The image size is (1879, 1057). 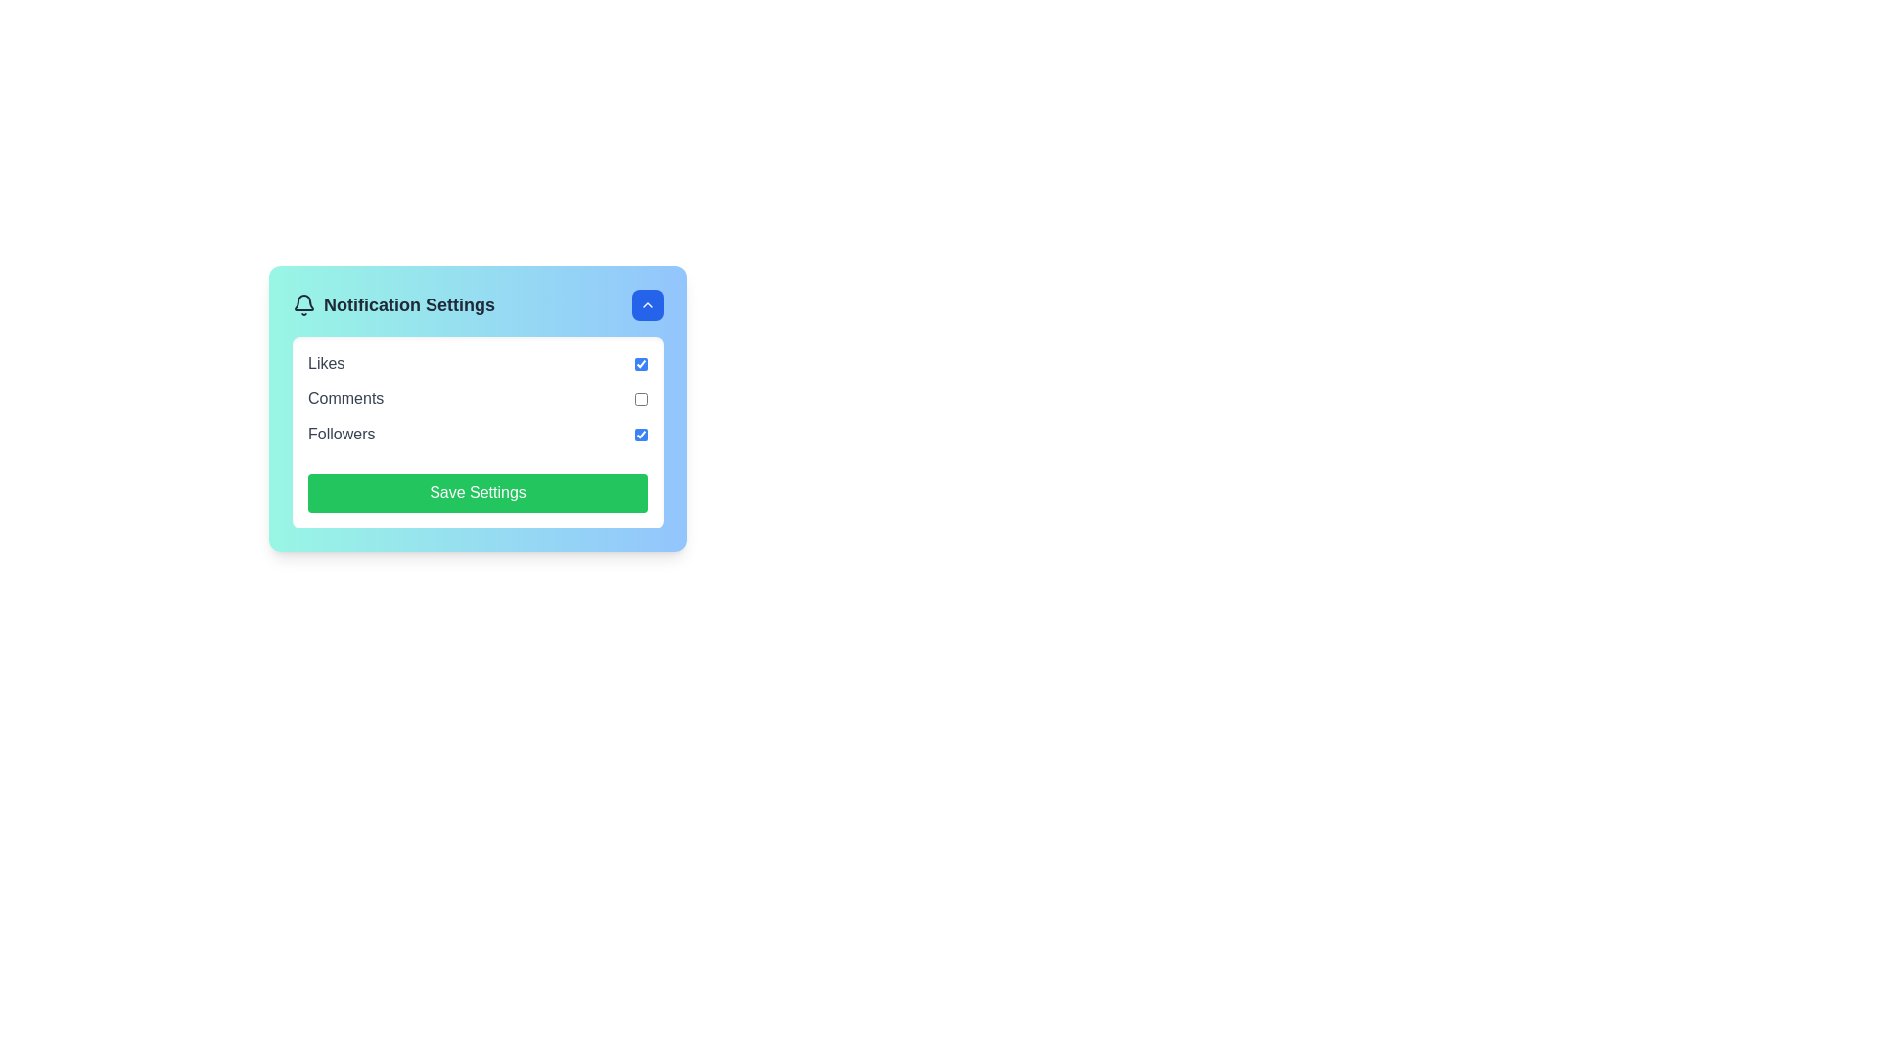 I want to click on the Text label that serves as a descriptive label for the adjacent checkbox, indicating its selection purpose, so click(x=326, y=363).